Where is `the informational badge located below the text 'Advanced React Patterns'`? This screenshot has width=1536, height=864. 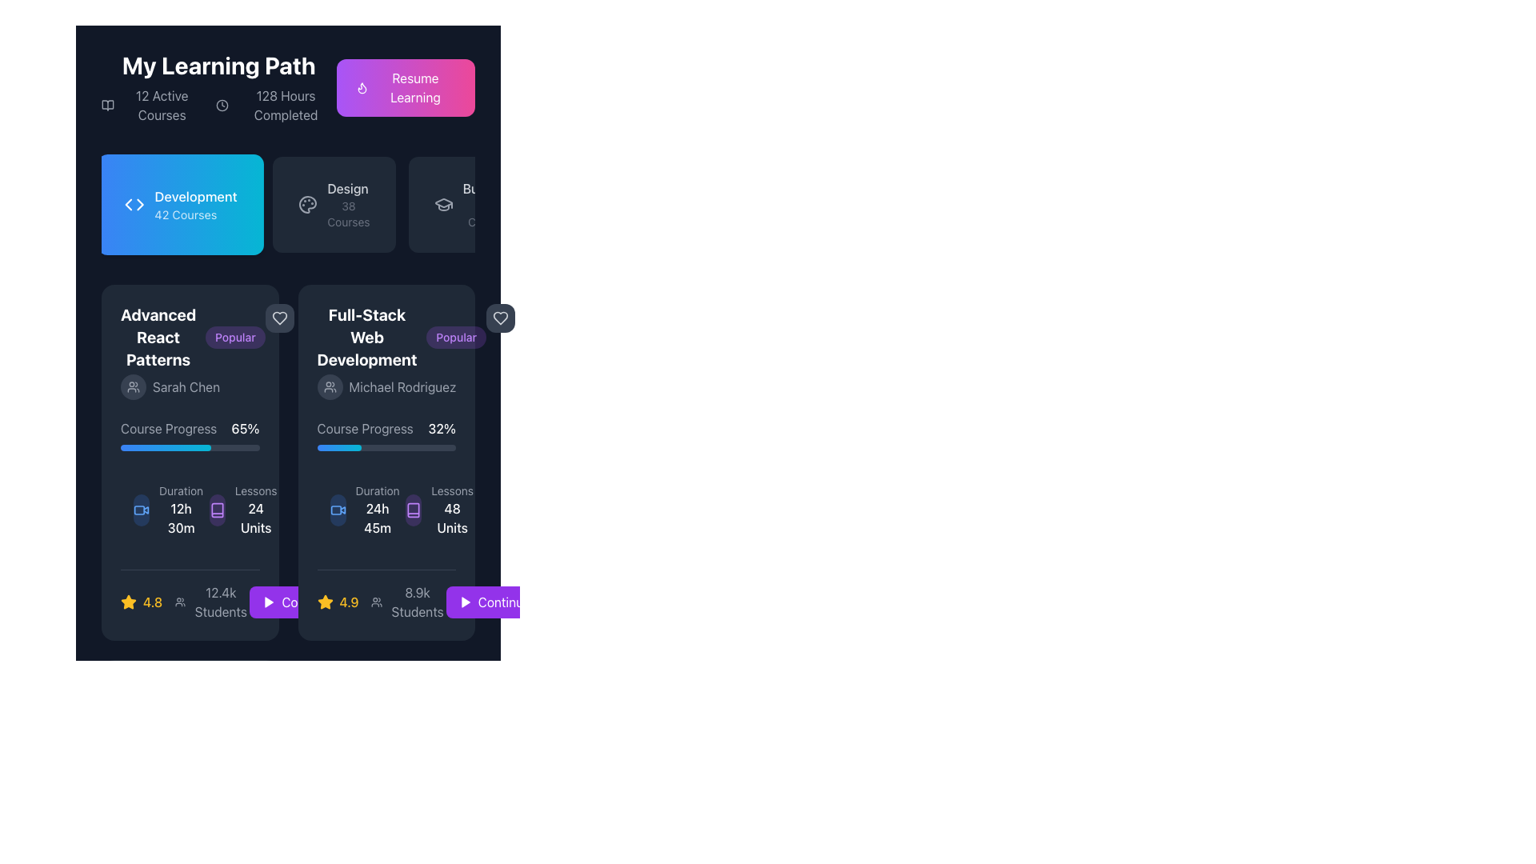 the informational badge located below the text 'Advanced React Patterns' is located at coordinates (234, 336).